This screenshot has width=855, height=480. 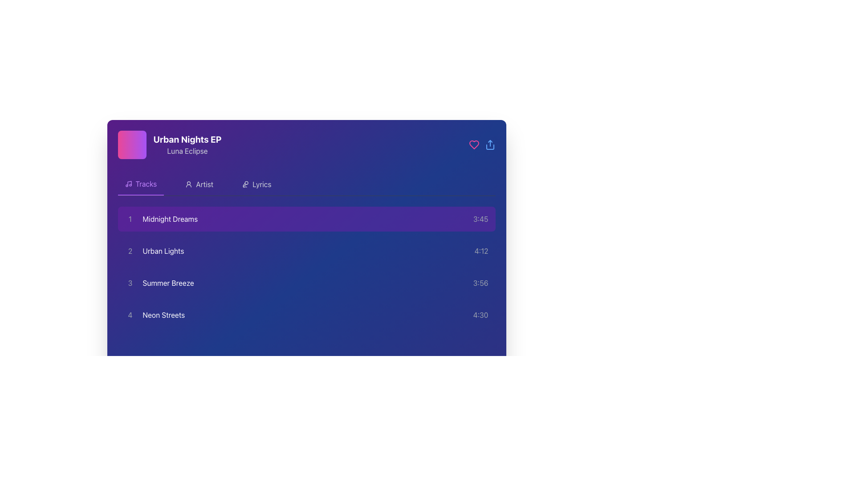 I want to click on the first list item with the title 'Midnight Dreams' and a purple background, so click(x=306, y=219).